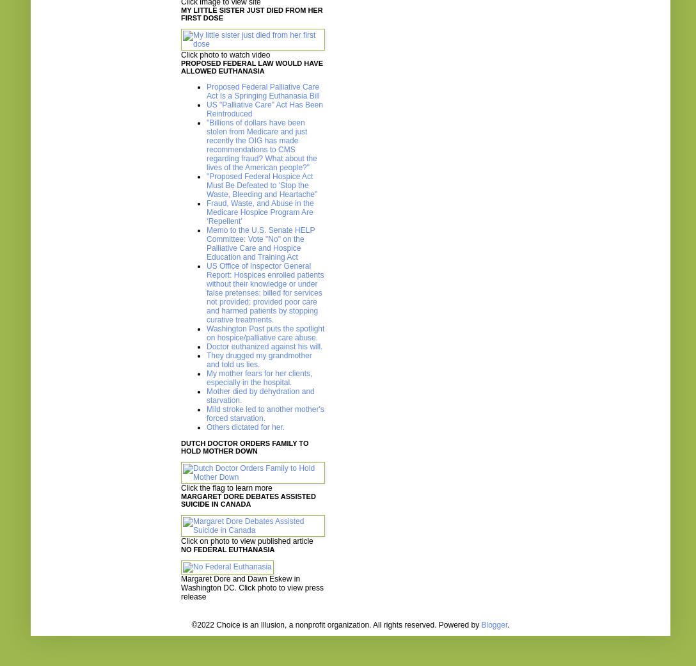  I want to click on 'Doctor euthanized against his will.', so click(207, 347).